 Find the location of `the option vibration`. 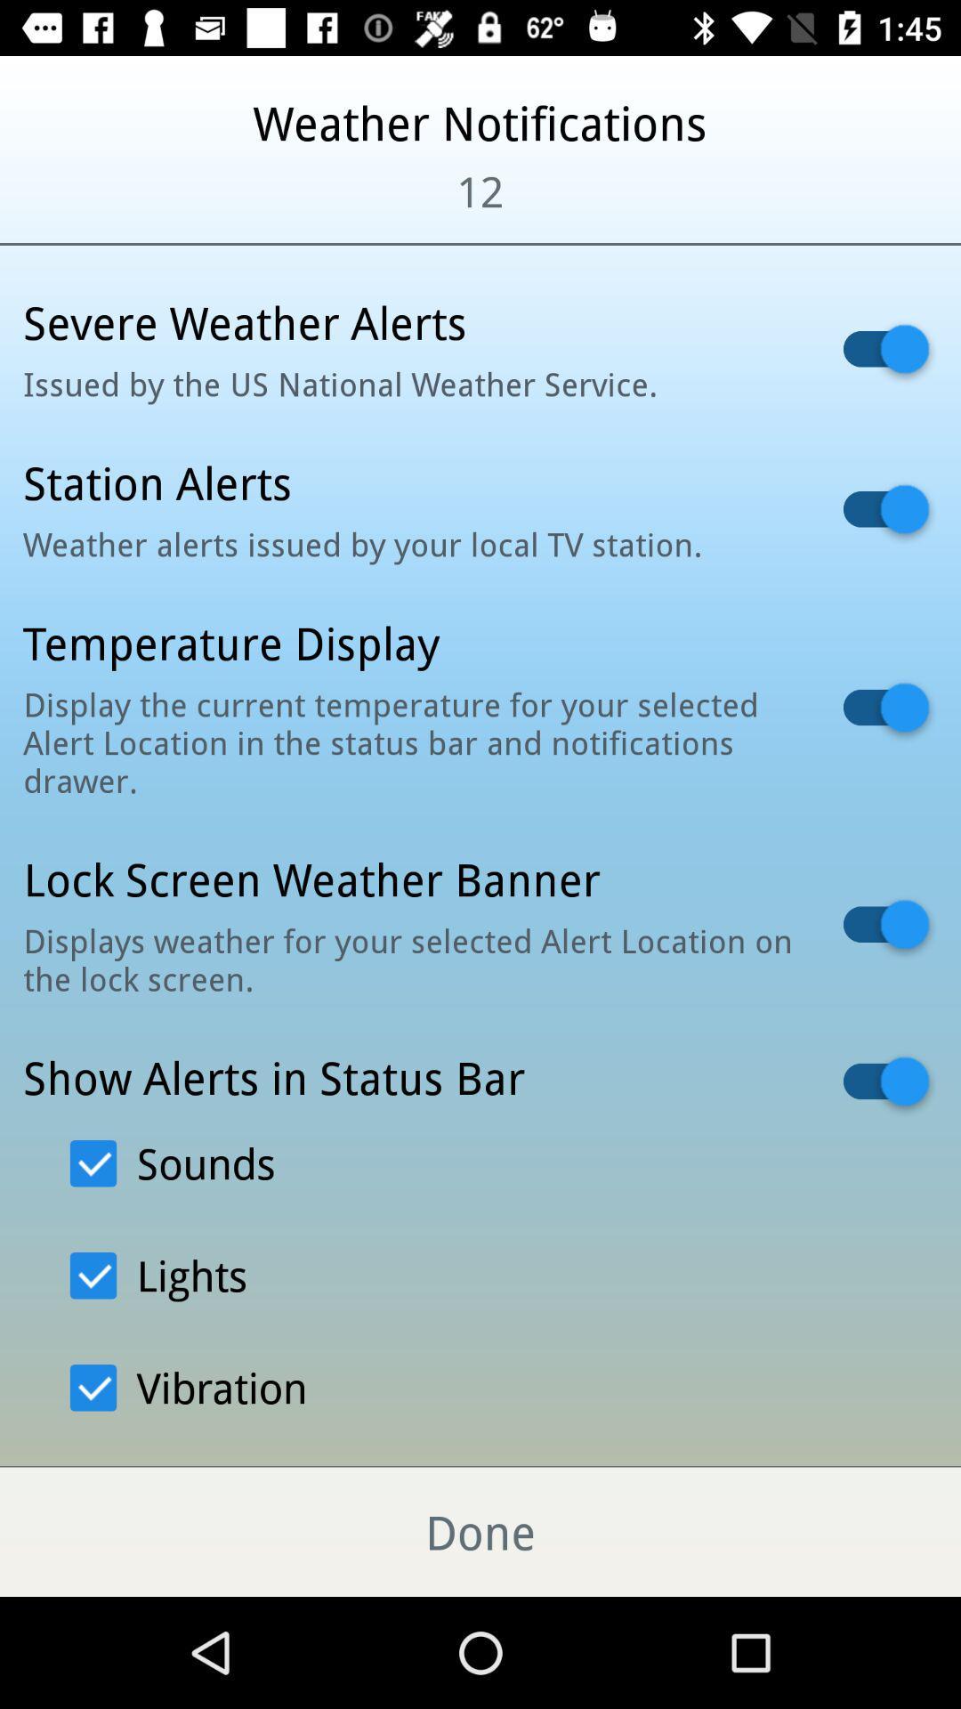

the option vibration is located at coordinates (189, 1387).